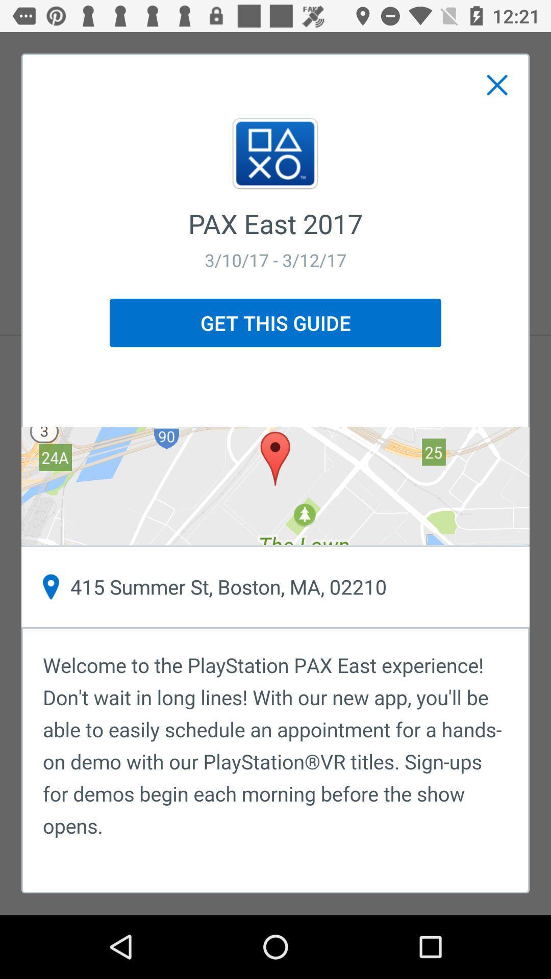 This screenshot has width=551, height=979. What do you see at coordinates (275, 587) in the screenshot?
I see `the 415 summer st item` at bounding box center [275, 587].